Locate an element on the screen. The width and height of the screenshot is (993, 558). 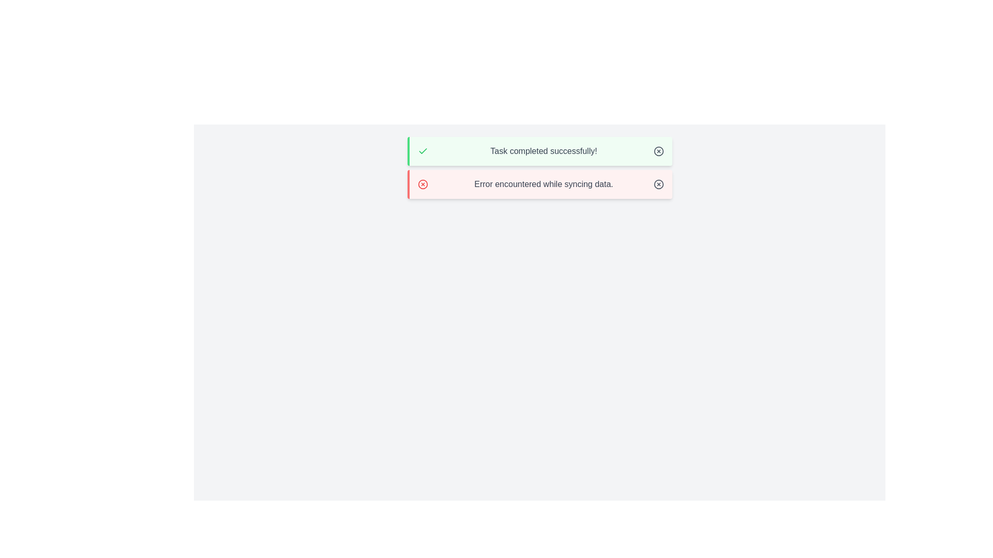
the green check mark icon located in the upper-left side of the notification card that reads 'Task completed successfully!' is located at coordinates (423, 151).